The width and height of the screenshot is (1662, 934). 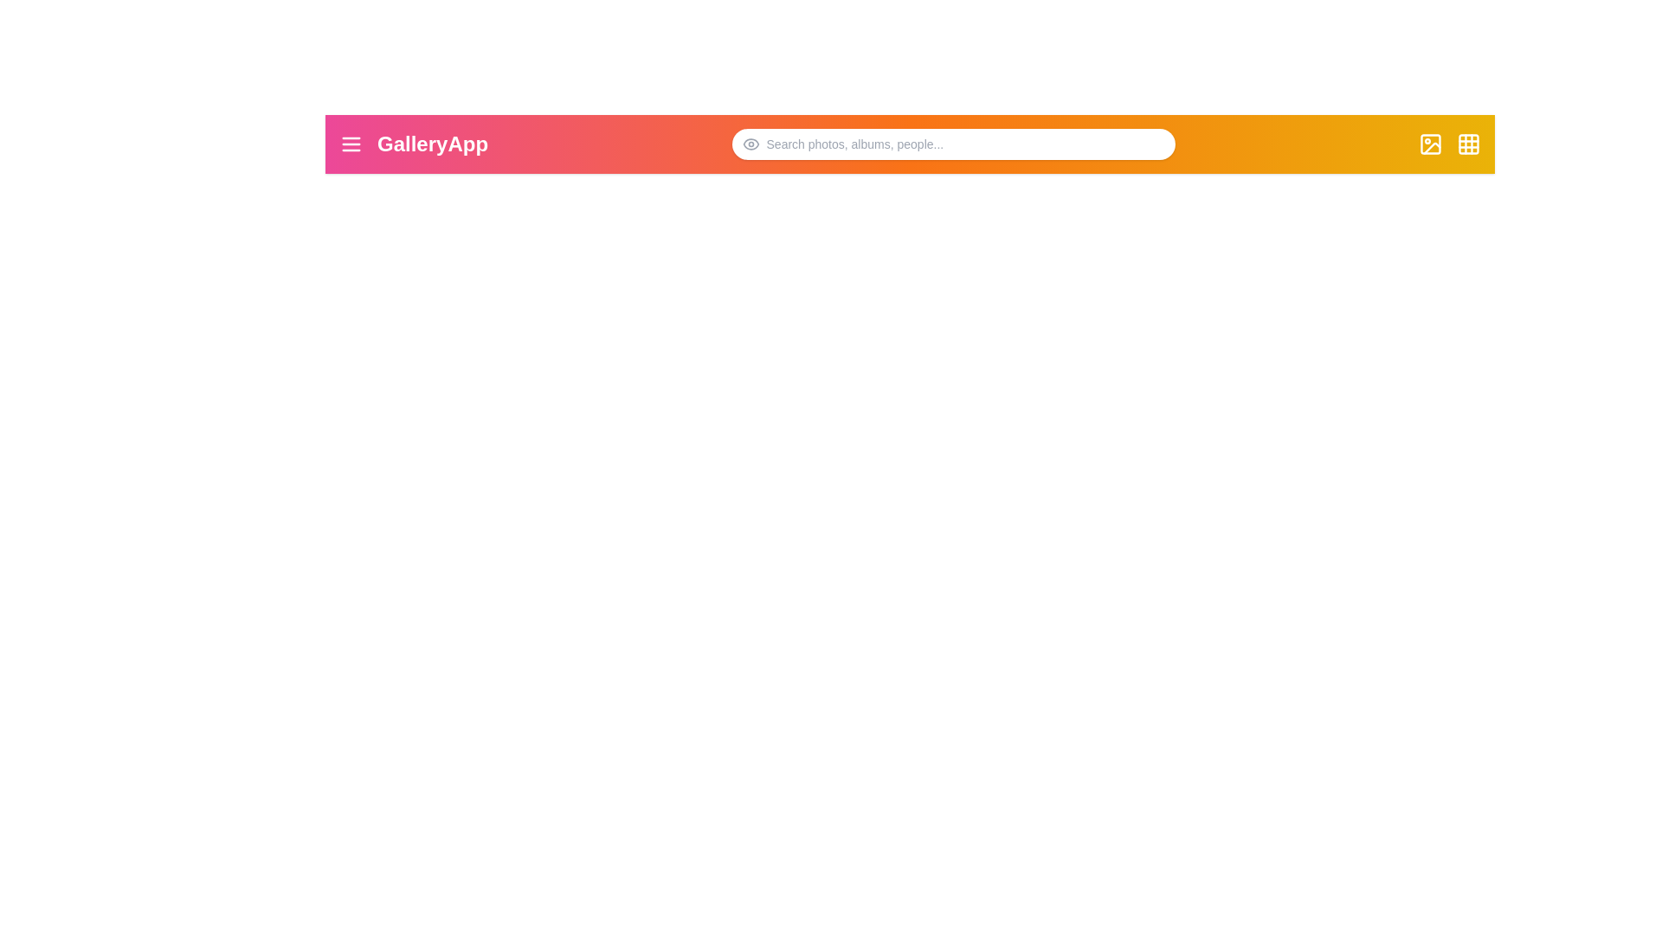 What do you see at coordinates (351, 143) in the screenshot?
I see `the menu icon to open the sidebar` at bounding box center [351, 143].